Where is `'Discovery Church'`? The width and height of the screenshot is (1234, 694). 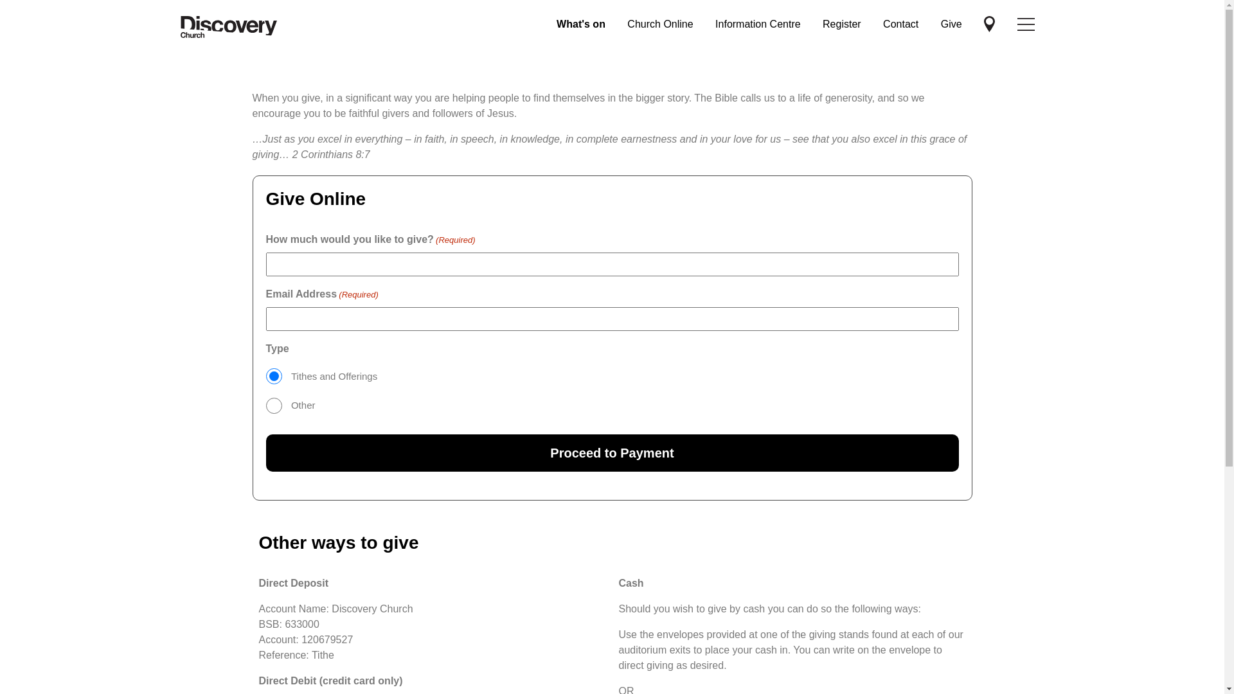
'Discovery Church' is located at coordinates (1024, 24).